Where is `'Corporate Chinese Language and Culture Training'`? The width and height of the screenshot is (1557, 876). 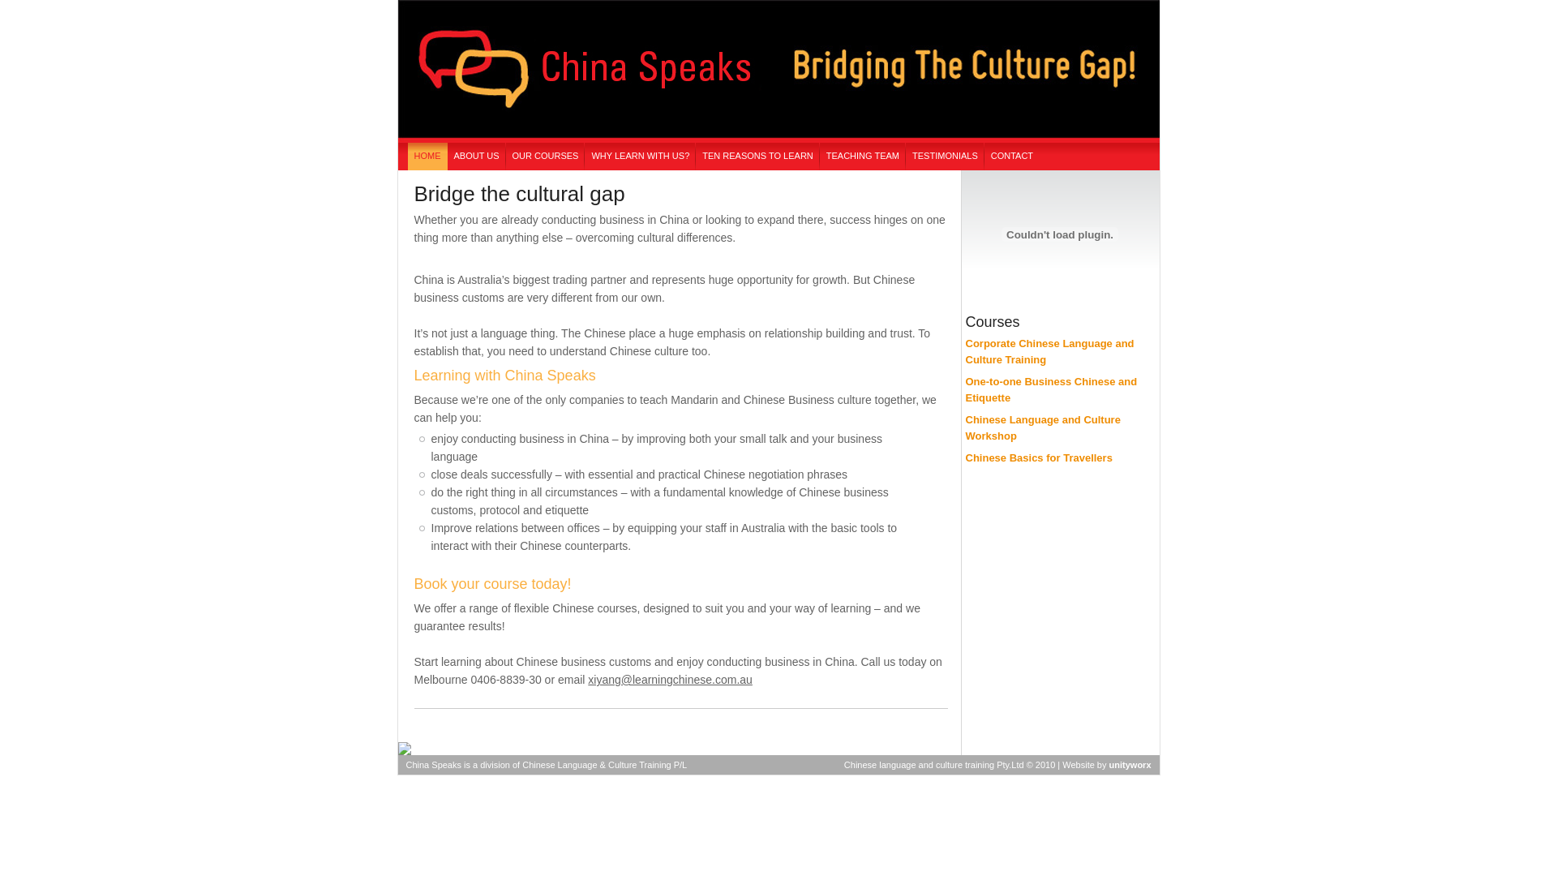
'Corporate Chinese Language and Culture Training' is located at coordinates (965, 350).